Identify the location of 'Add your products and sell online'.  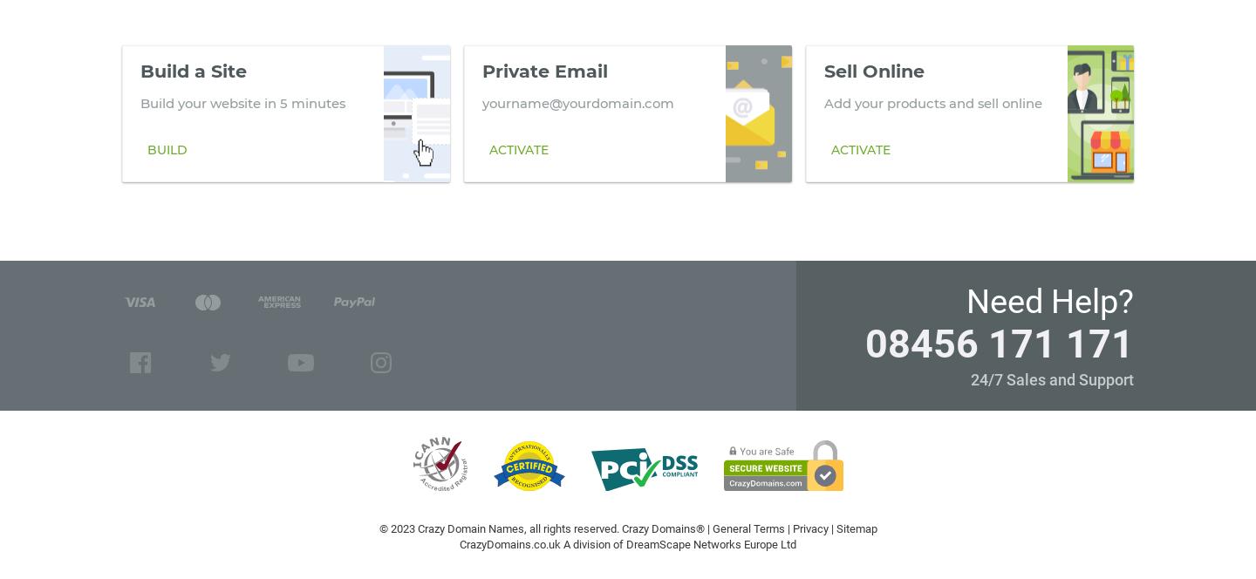
(932, 102).